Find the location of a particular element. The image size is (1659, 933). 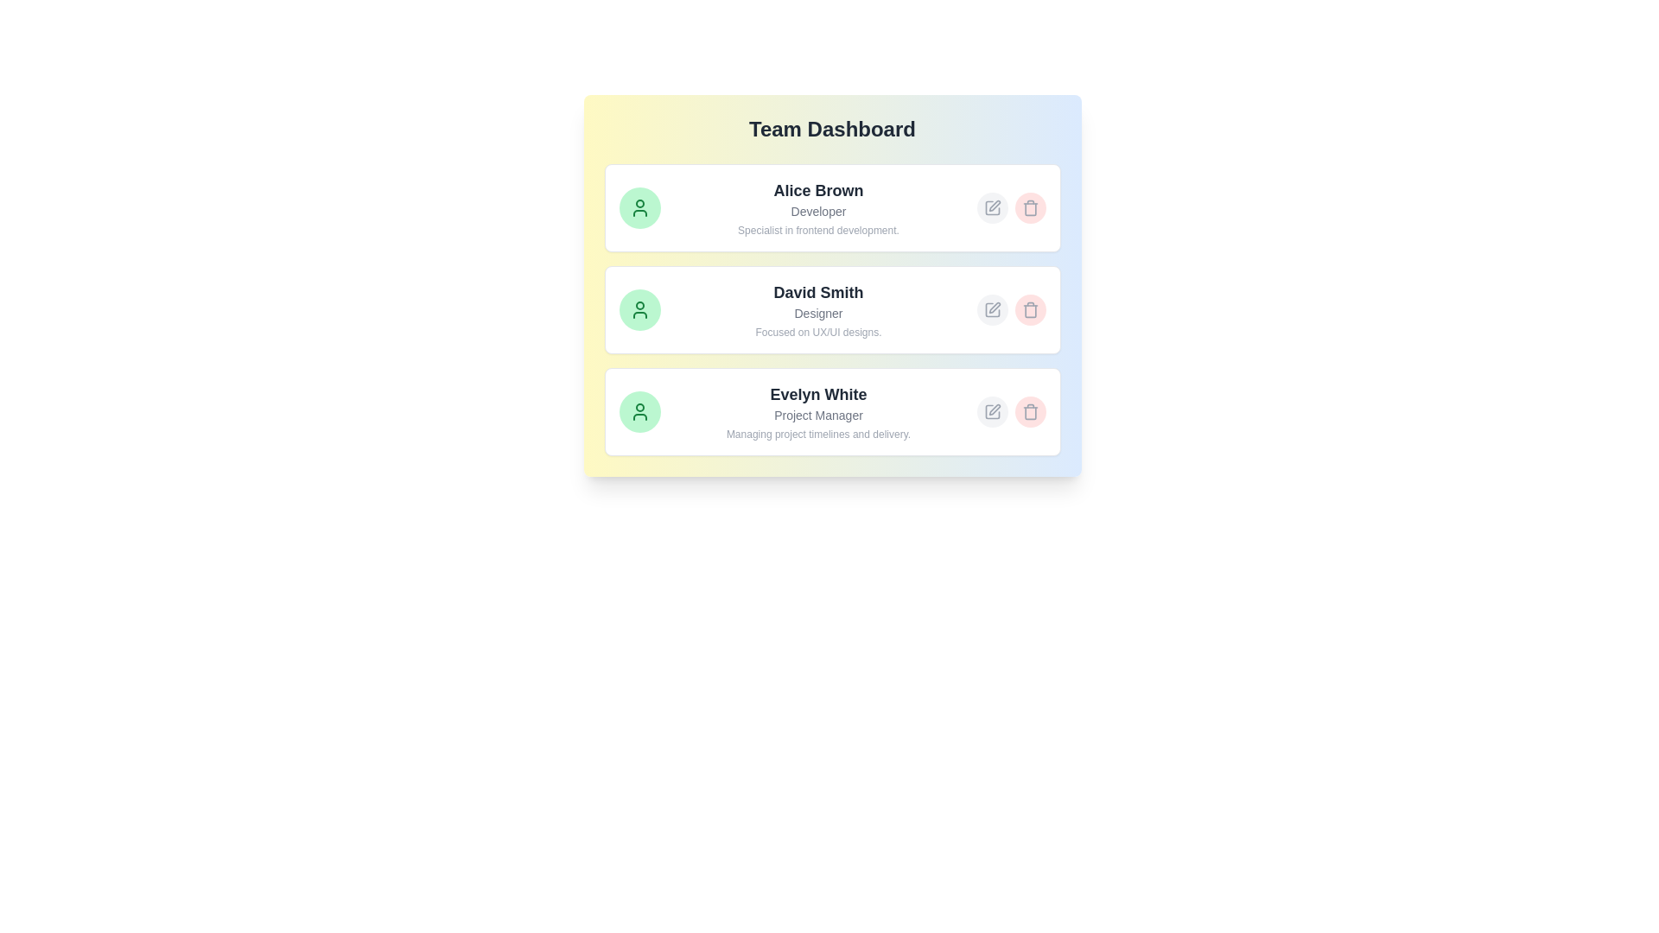

the 'Edit' button located on the far right side of the first row in the 'Team Dashboard' list, to the left of the red trash icon and aligned with the user name 'Alice Brown' is located at coordinates (992, 206).